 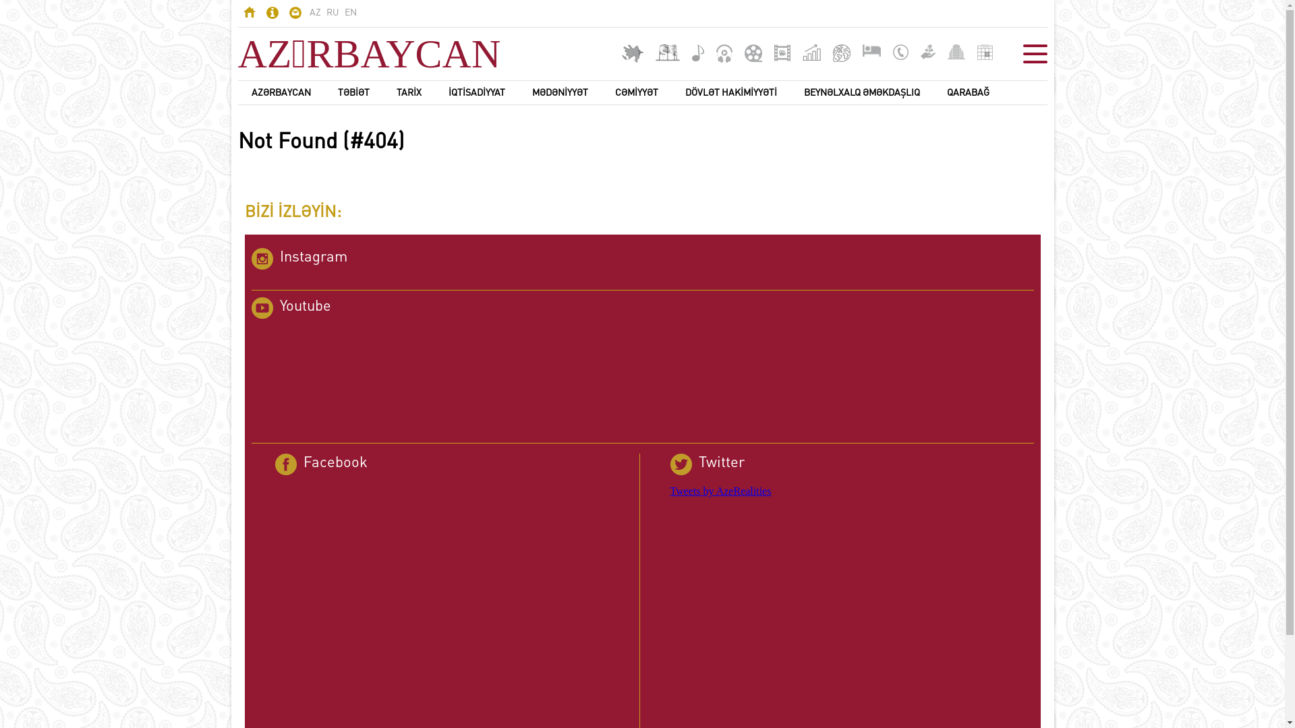 What do you see at coordinates (724, 53) in the screenshot?
I see `'Audio kitablar'` at bounding box center [724, 53].